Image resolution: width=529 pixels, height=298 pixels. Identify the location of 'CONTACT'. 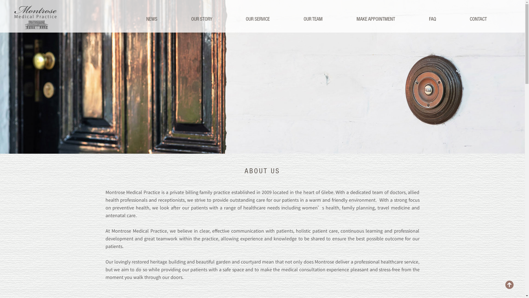
(478, 19).